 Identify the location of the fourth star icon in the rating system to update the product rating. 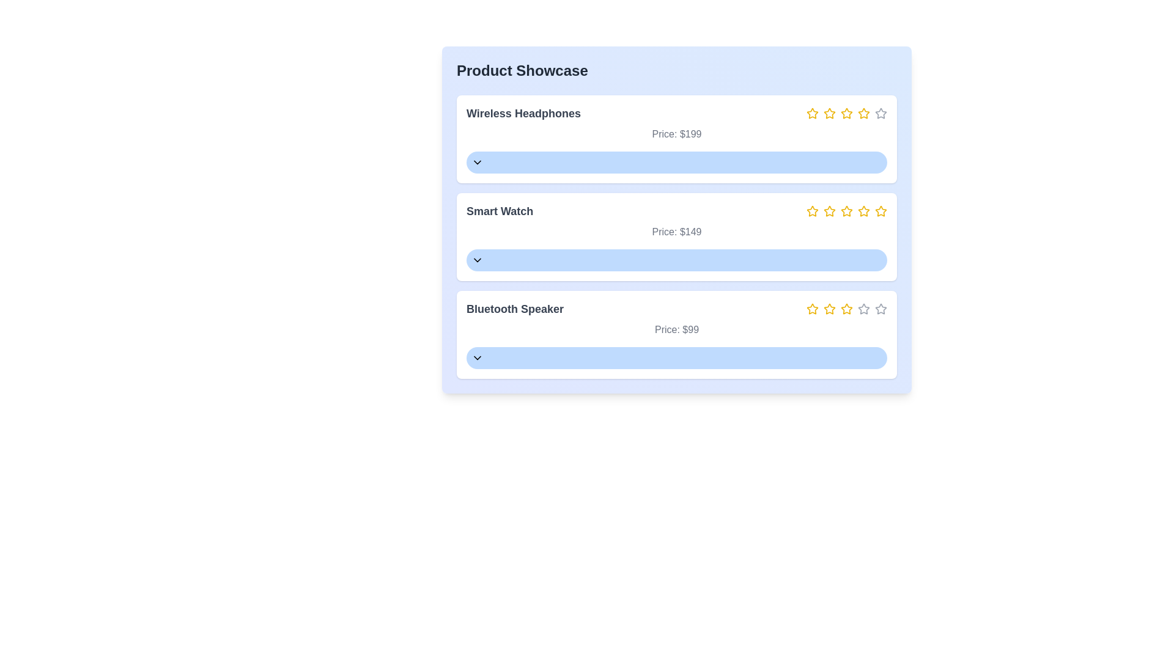
(863, 210).